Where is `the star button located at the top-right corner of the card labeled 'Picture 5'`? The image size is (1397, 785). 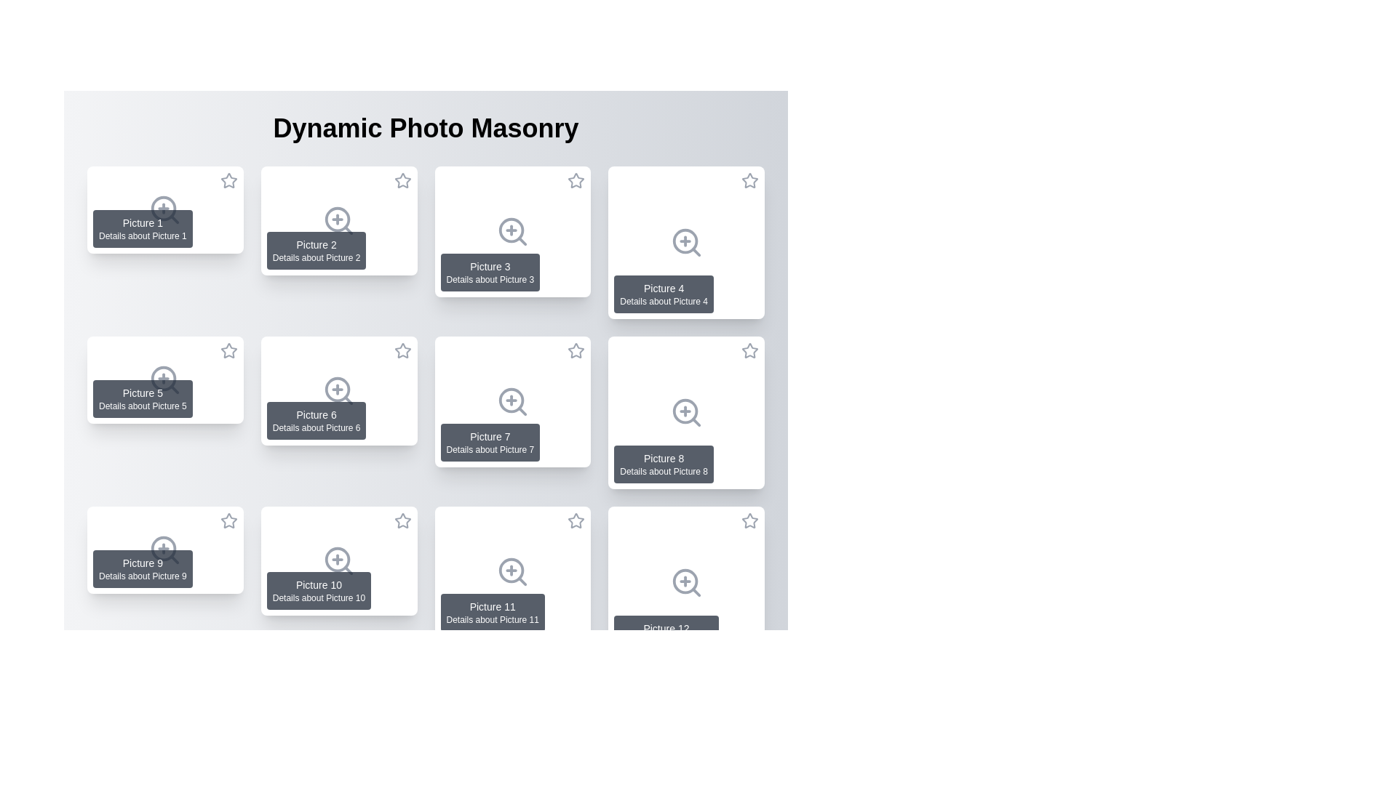 the star button located at the top-right corner of the card labeled 'Picture 5' is located at coordinates (228, 350).